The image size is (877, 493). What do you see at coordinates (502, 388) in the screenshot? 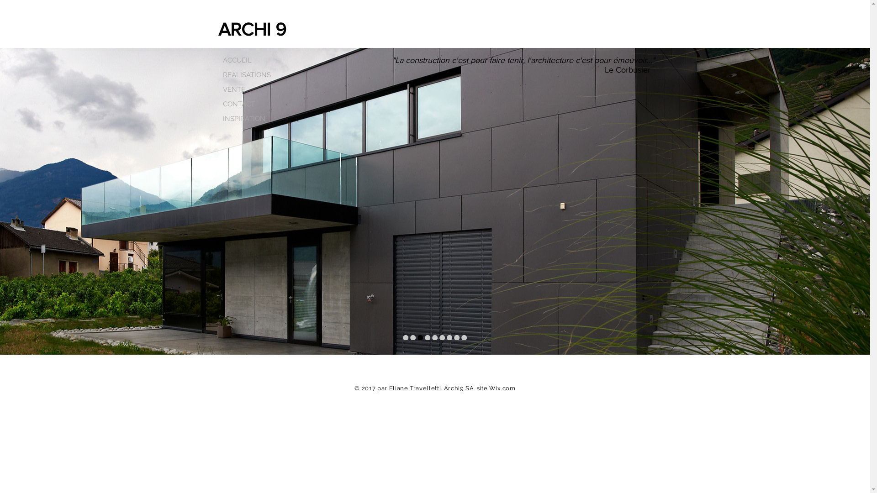
I see `'Wix.com'` at bounding box center [502, 388].